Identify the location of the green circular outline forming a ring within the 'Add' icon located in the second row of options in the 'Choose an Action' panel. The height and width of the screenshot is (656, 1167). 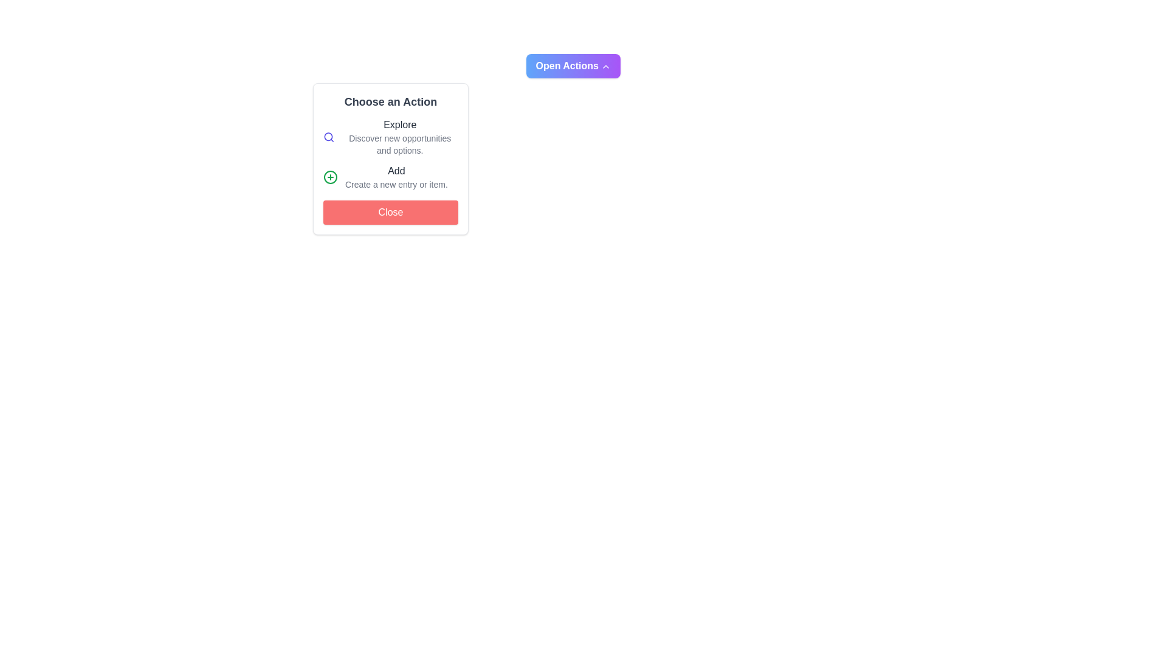
(330, 177).